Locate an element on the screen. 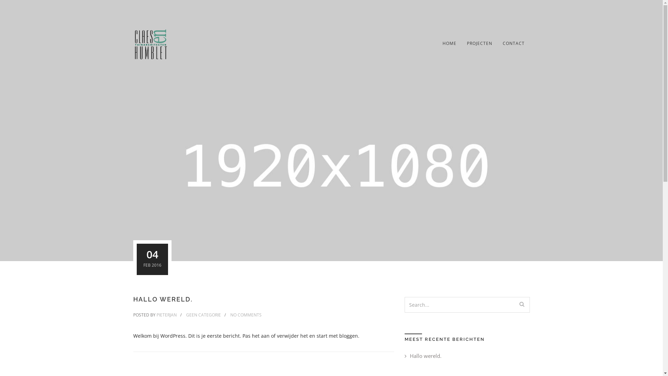 This screenshot has width=668, height=376. 'PROJECTEN' is located at coordinates (461, 43).